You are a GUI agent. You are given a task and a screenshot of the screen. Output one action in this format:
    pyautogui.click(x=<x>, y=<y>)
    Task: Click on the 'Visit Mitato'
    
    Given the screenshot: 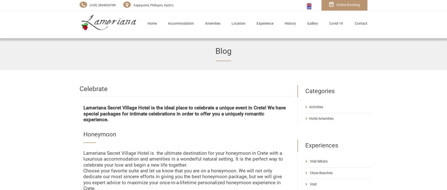 What is the action you would take?
    pyautogui.click(x=318, y=161)
    